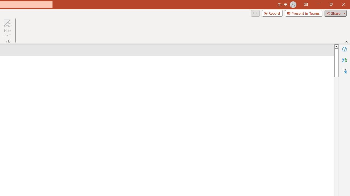 The image size is (350, 196). What do you see at coordinates (7, 23) in the screenshot?
I see `'Hide Ink'` at bounding box center [7, 23].